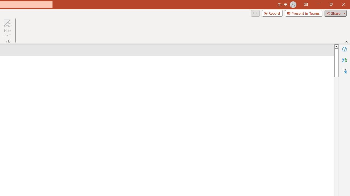 The image size is (350, 196). What do you see at coordinates (7, 23) in the screenshot?
I see `'Hide Ink'` at bounding box center [7, 23].